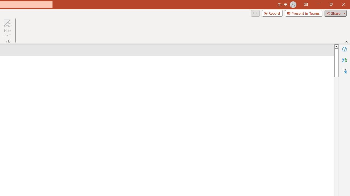 The image size is (350, 196). What do you see at coordinates (7, 23) in the screenshot?
I see `'Hide Ink'` at bounding box center [7, 23].